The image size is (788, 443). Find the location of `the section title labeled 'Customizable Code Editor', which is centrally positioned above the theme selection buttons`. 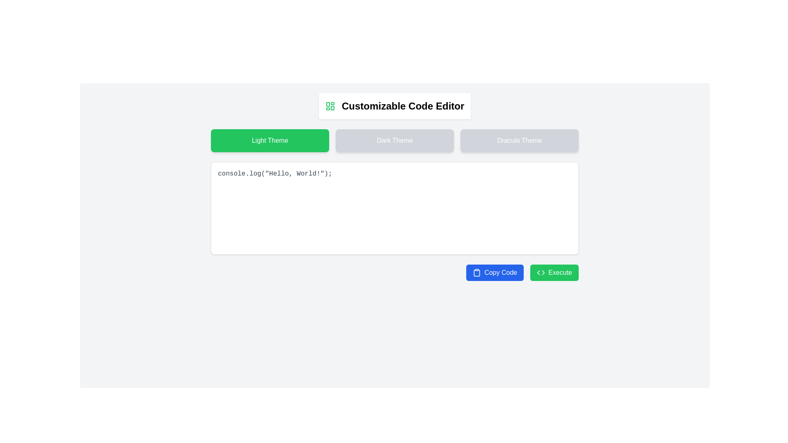

the section title labeled 'Customizable Code Editor', which is centrally positioned above the theme selection buttons is located at coordinates (394, 105).